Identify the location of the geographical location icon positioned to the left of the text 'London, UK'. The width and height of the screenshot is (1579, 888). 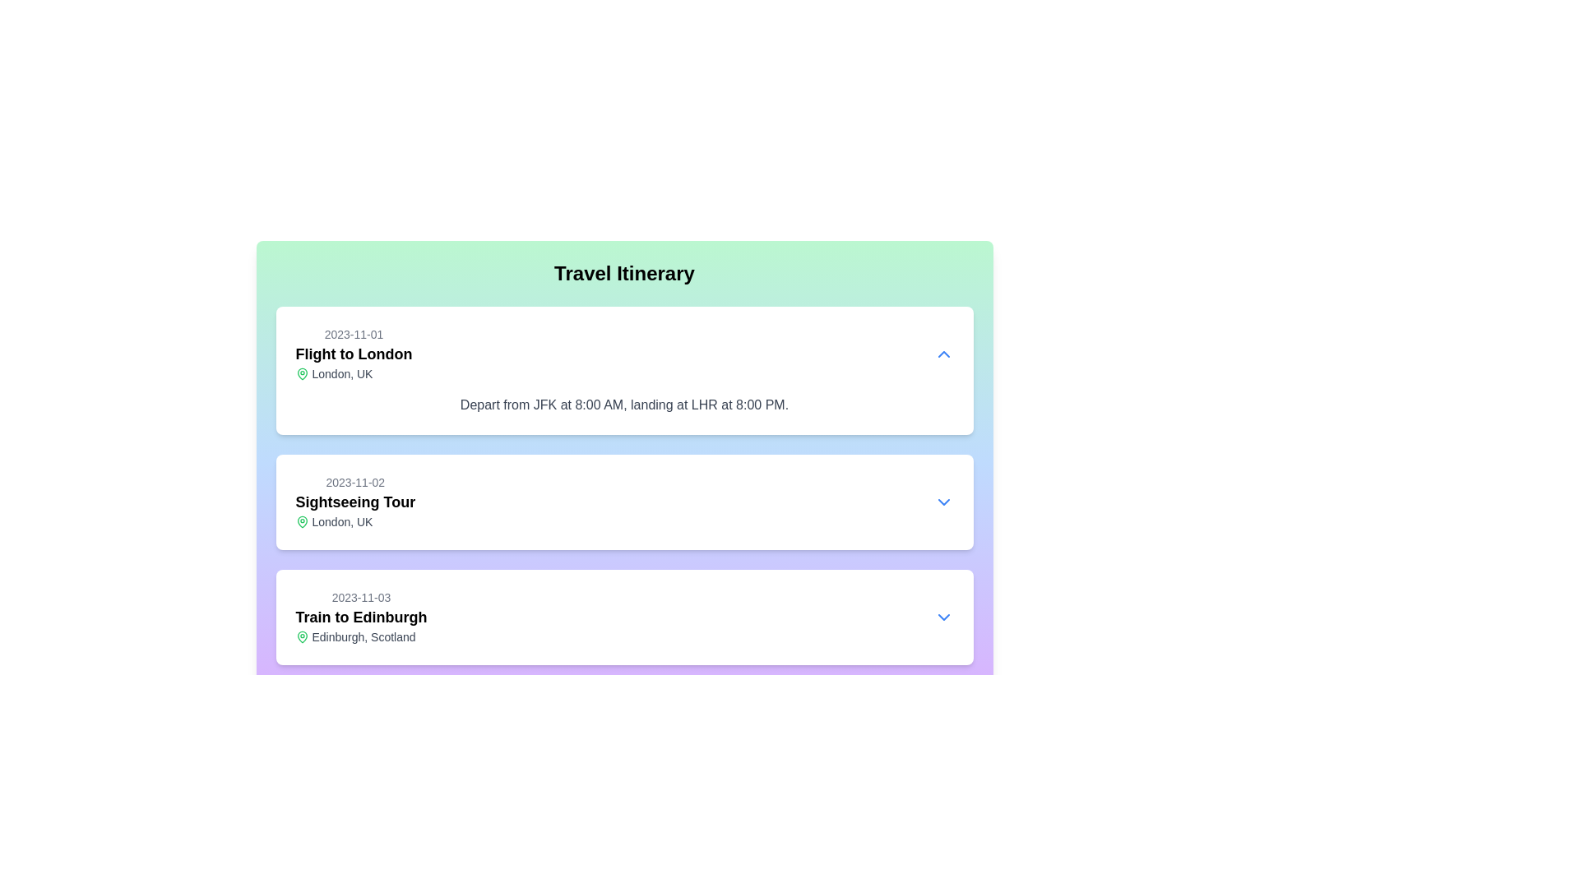
(302, 374).